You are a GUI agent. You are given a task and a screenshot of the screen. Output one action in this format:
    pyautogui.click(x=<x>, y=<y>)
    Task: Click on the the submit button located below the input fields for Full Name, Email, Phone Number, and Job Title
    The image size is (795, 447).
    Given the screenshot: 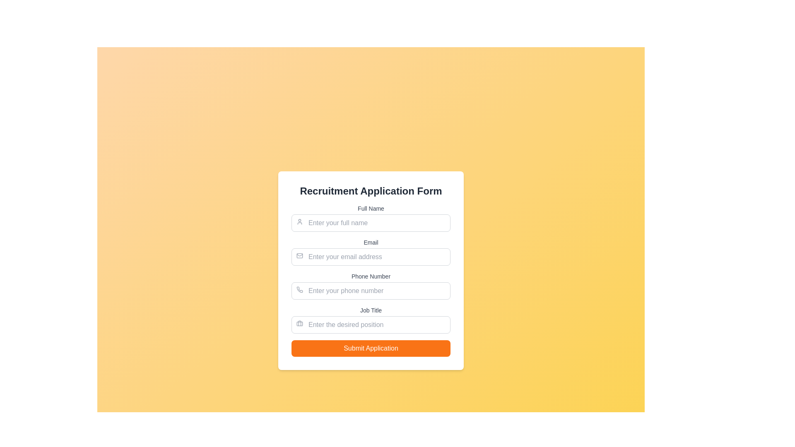 What is the action you would take?
    pyautogui.click(x=371, y=348)
    